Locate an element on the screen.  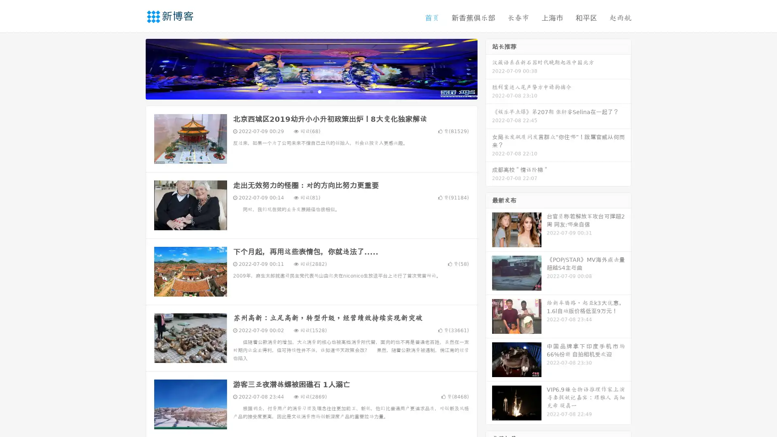
Previous slide is located at coordinates (134, 68).